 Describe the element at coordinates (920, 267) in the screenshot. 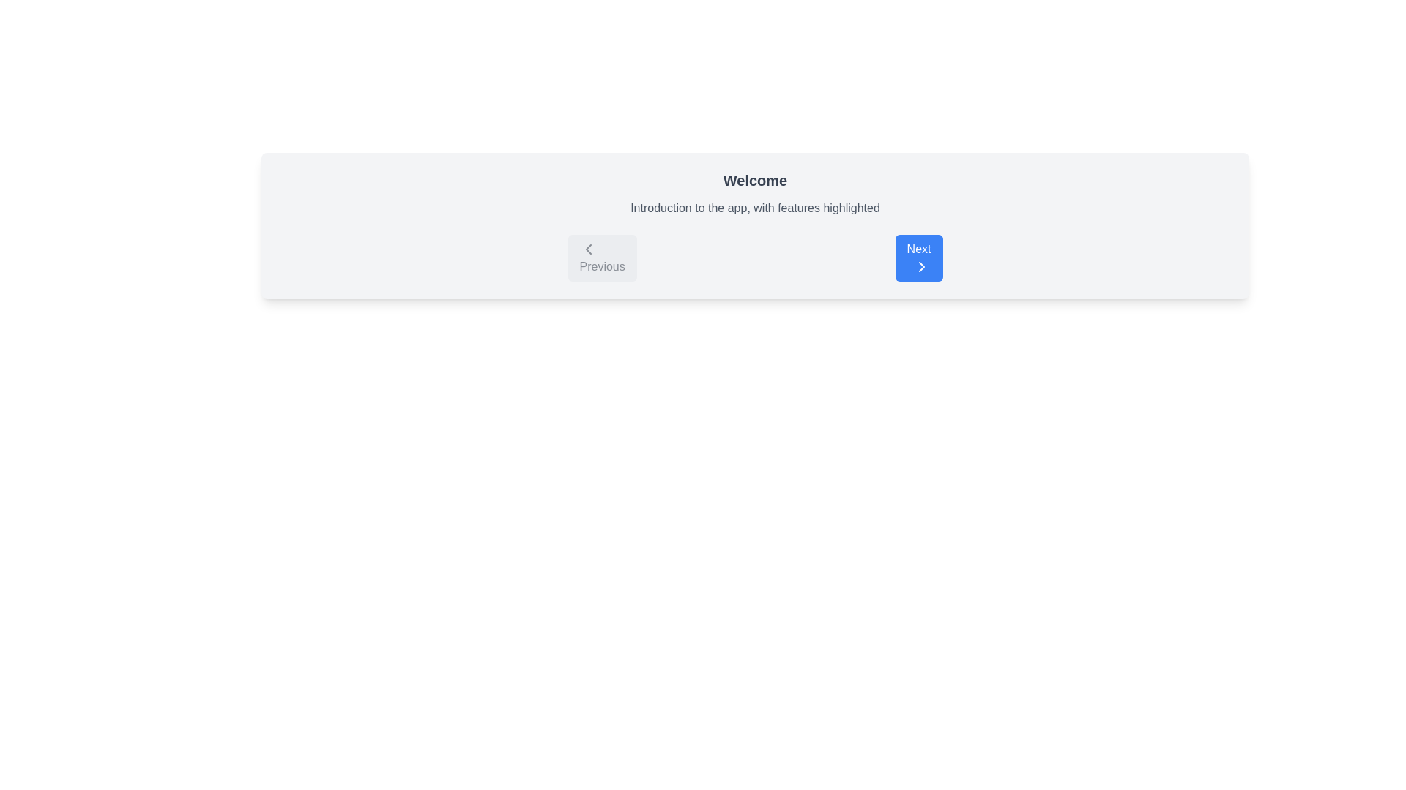

I see `the chevron icon located at the rightmost part of the blue 'Next' button, which indicates navigation to the next step` at that location.